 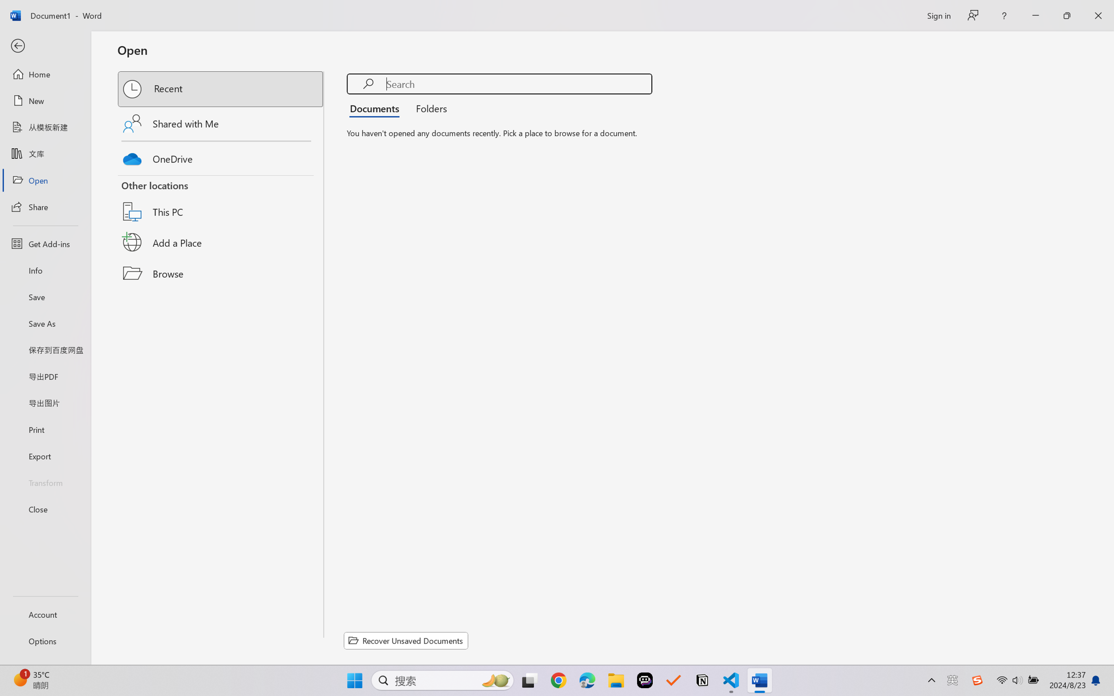 What do you see at coordinates (406, 640) in the screenshot?
I see `'Recover Unsaved Documents'` at bounding box center [406, 640].